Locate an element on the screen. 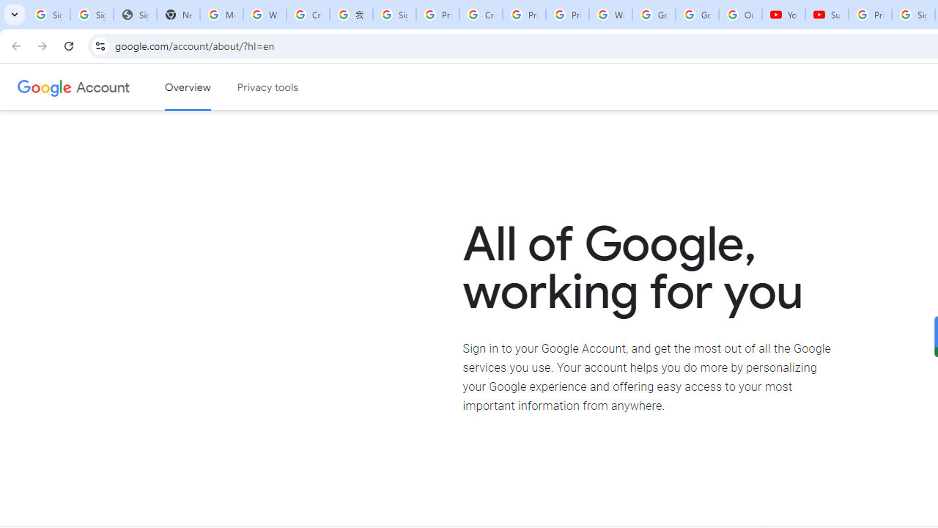 The image size is (938, 528). 'Privacy tools' is located at coordinates (268, 87).